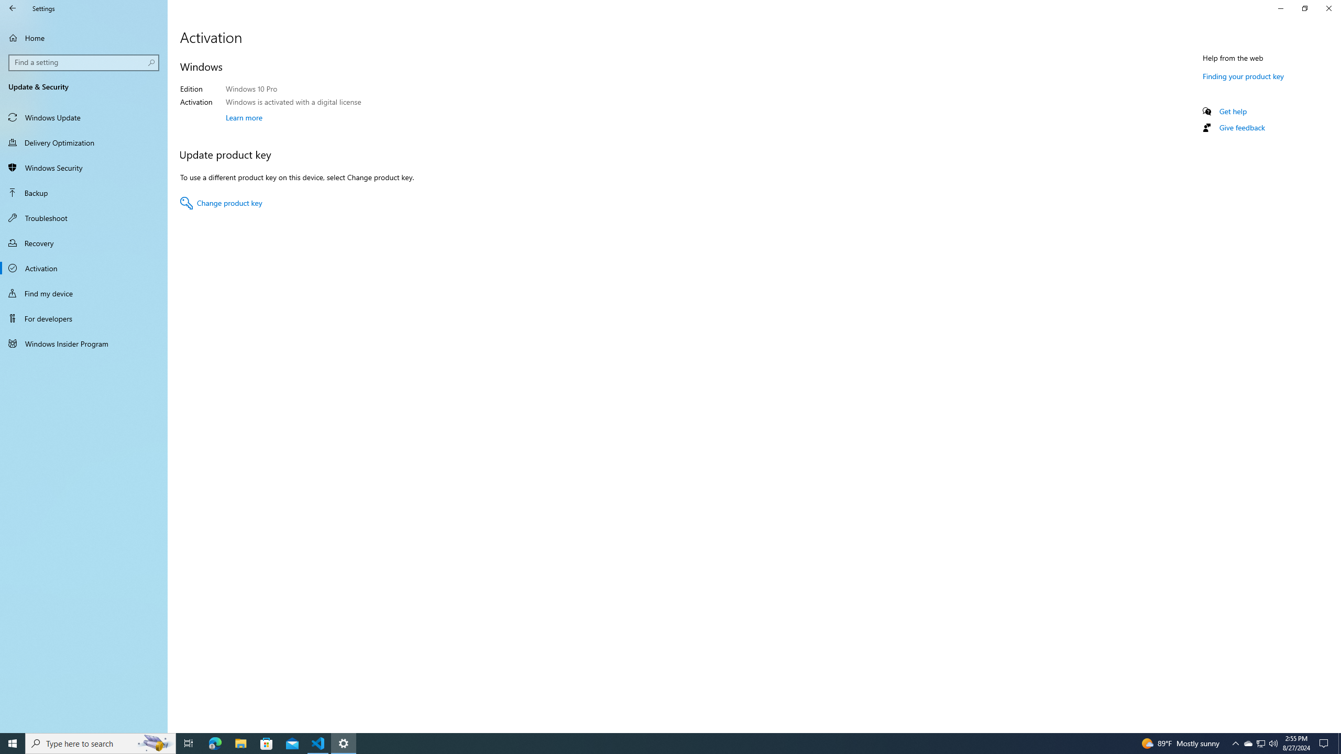 Image resolution: width=1341 pixels, height=754 pixels. What do you see at coordinates (83, 116) in the screenshot?
I see `'Windows Update'` at bounding box center [83, 116].